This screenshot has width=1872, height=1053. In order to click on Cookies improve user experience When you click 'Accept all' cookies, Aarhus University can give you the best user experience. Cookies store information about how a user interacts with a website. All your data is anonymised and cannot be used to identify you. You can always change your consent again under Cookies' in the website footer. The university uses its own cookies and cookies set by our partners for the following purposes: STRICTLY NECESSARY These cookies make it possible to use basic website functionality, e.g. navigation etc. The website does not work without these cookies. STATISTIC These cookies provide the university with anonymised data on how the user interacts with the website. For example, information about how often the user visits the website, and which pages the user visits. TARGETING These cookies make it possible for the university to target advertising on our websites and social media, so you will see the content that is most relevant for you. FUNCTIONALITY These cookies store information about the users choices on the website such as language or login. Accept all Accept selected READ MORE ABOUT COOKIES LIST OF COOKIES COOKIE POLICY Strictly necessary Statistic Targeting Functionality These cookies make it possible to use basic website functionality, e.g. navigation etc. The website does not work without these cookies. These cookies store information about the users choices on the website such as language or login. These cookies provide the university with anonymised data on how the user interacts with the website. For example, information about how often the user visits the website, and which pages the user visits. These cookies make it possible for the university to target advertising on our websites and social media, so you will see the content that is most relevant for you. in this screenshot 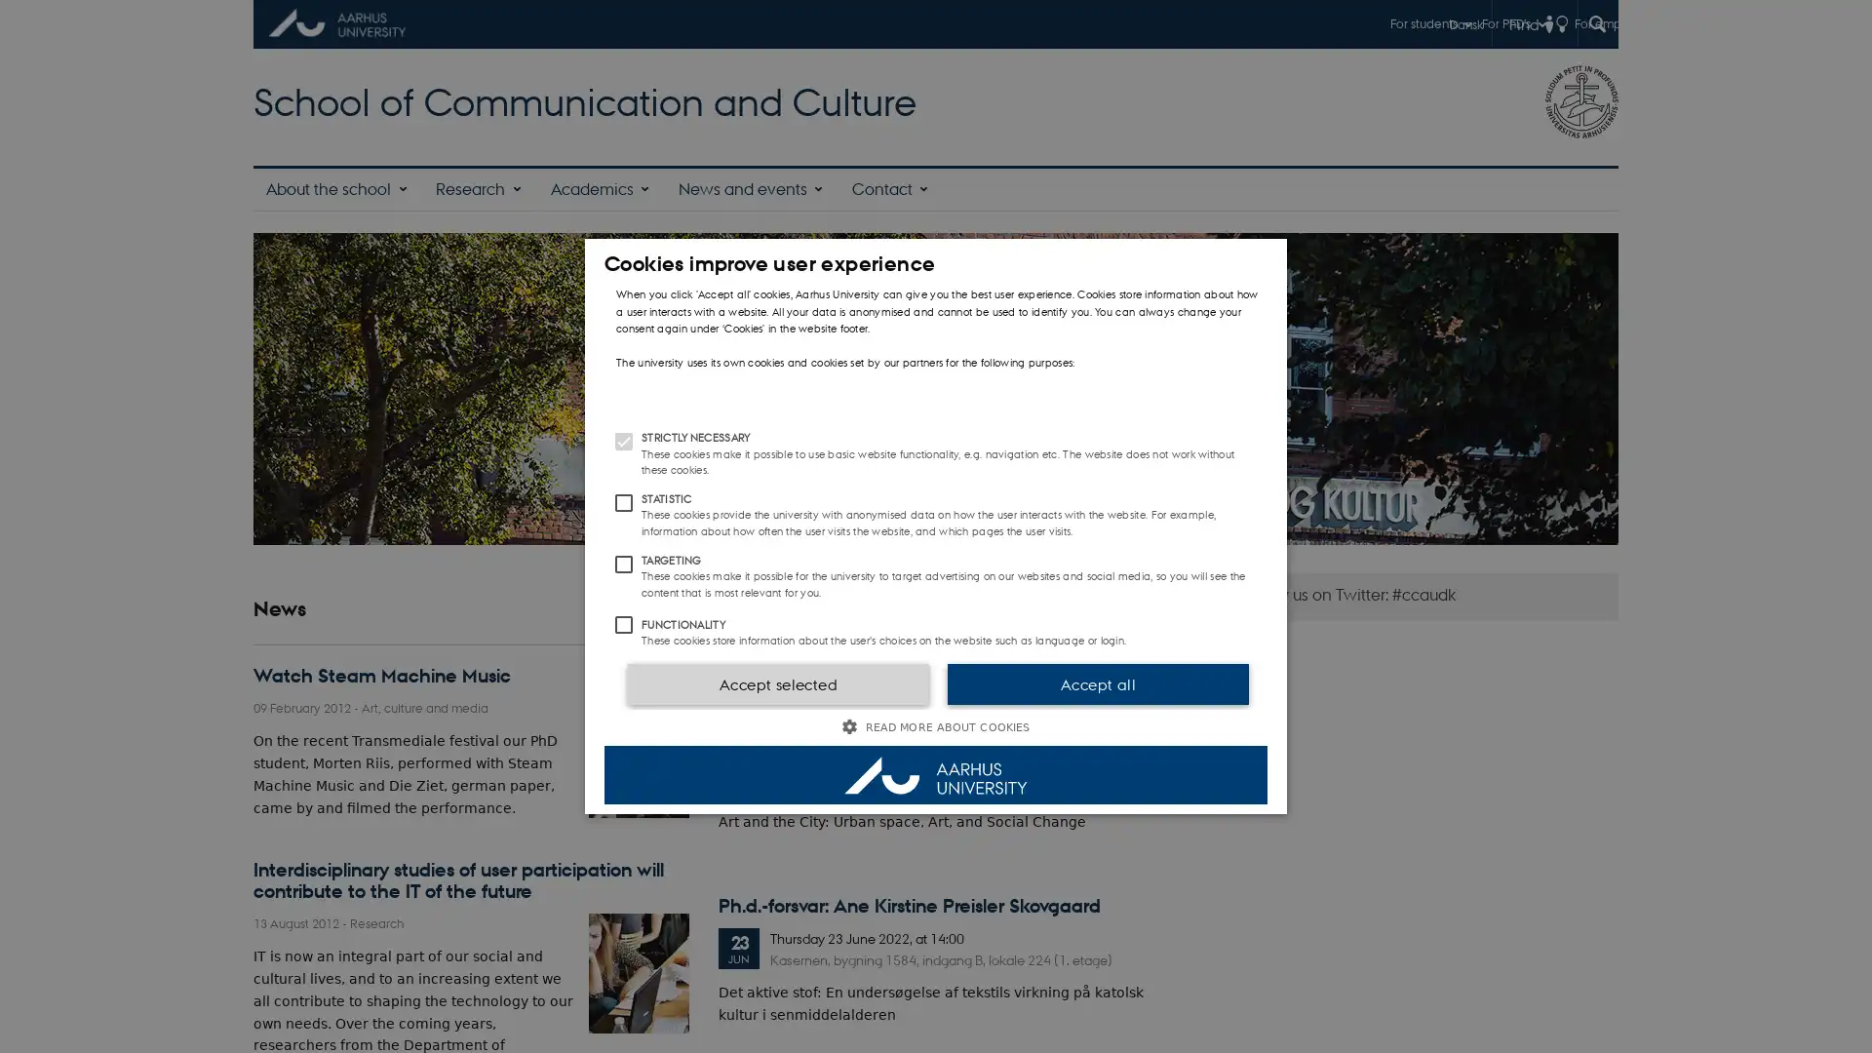, I will do `click(936, 526)`.